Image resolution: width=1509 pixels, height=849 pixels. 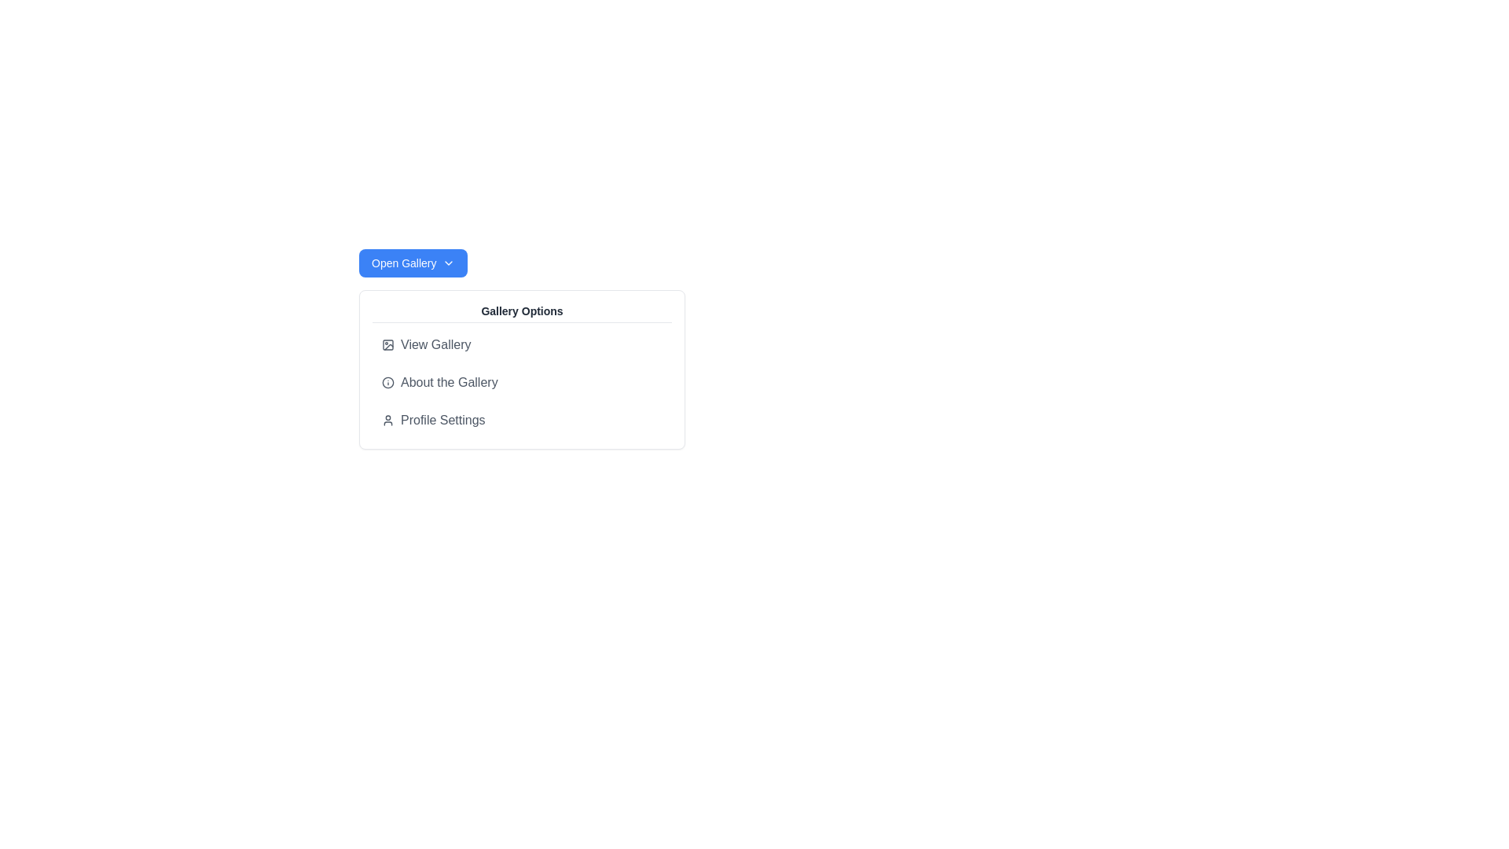 What do you see at coordinates (522, 313) in the screenshot?
I see `the bold labeled header 'Gallery Options'` at bounding box center [522, 313].